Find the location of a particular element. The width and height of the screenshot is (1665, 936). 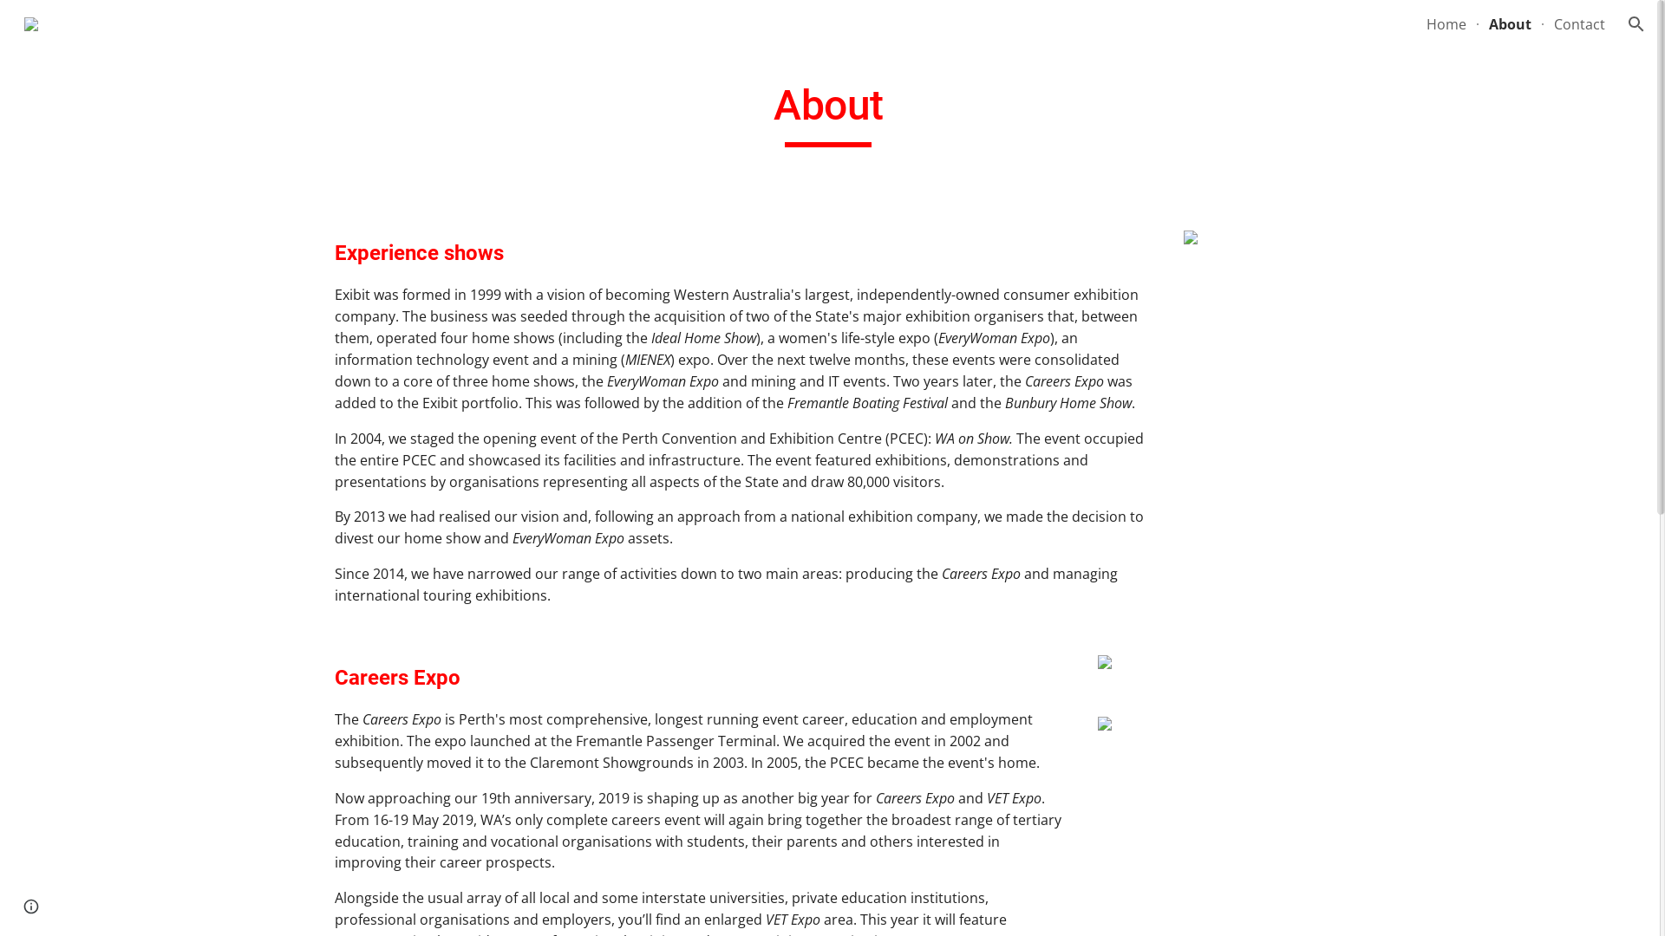

'Home' is located at coordinates (1427, 23).